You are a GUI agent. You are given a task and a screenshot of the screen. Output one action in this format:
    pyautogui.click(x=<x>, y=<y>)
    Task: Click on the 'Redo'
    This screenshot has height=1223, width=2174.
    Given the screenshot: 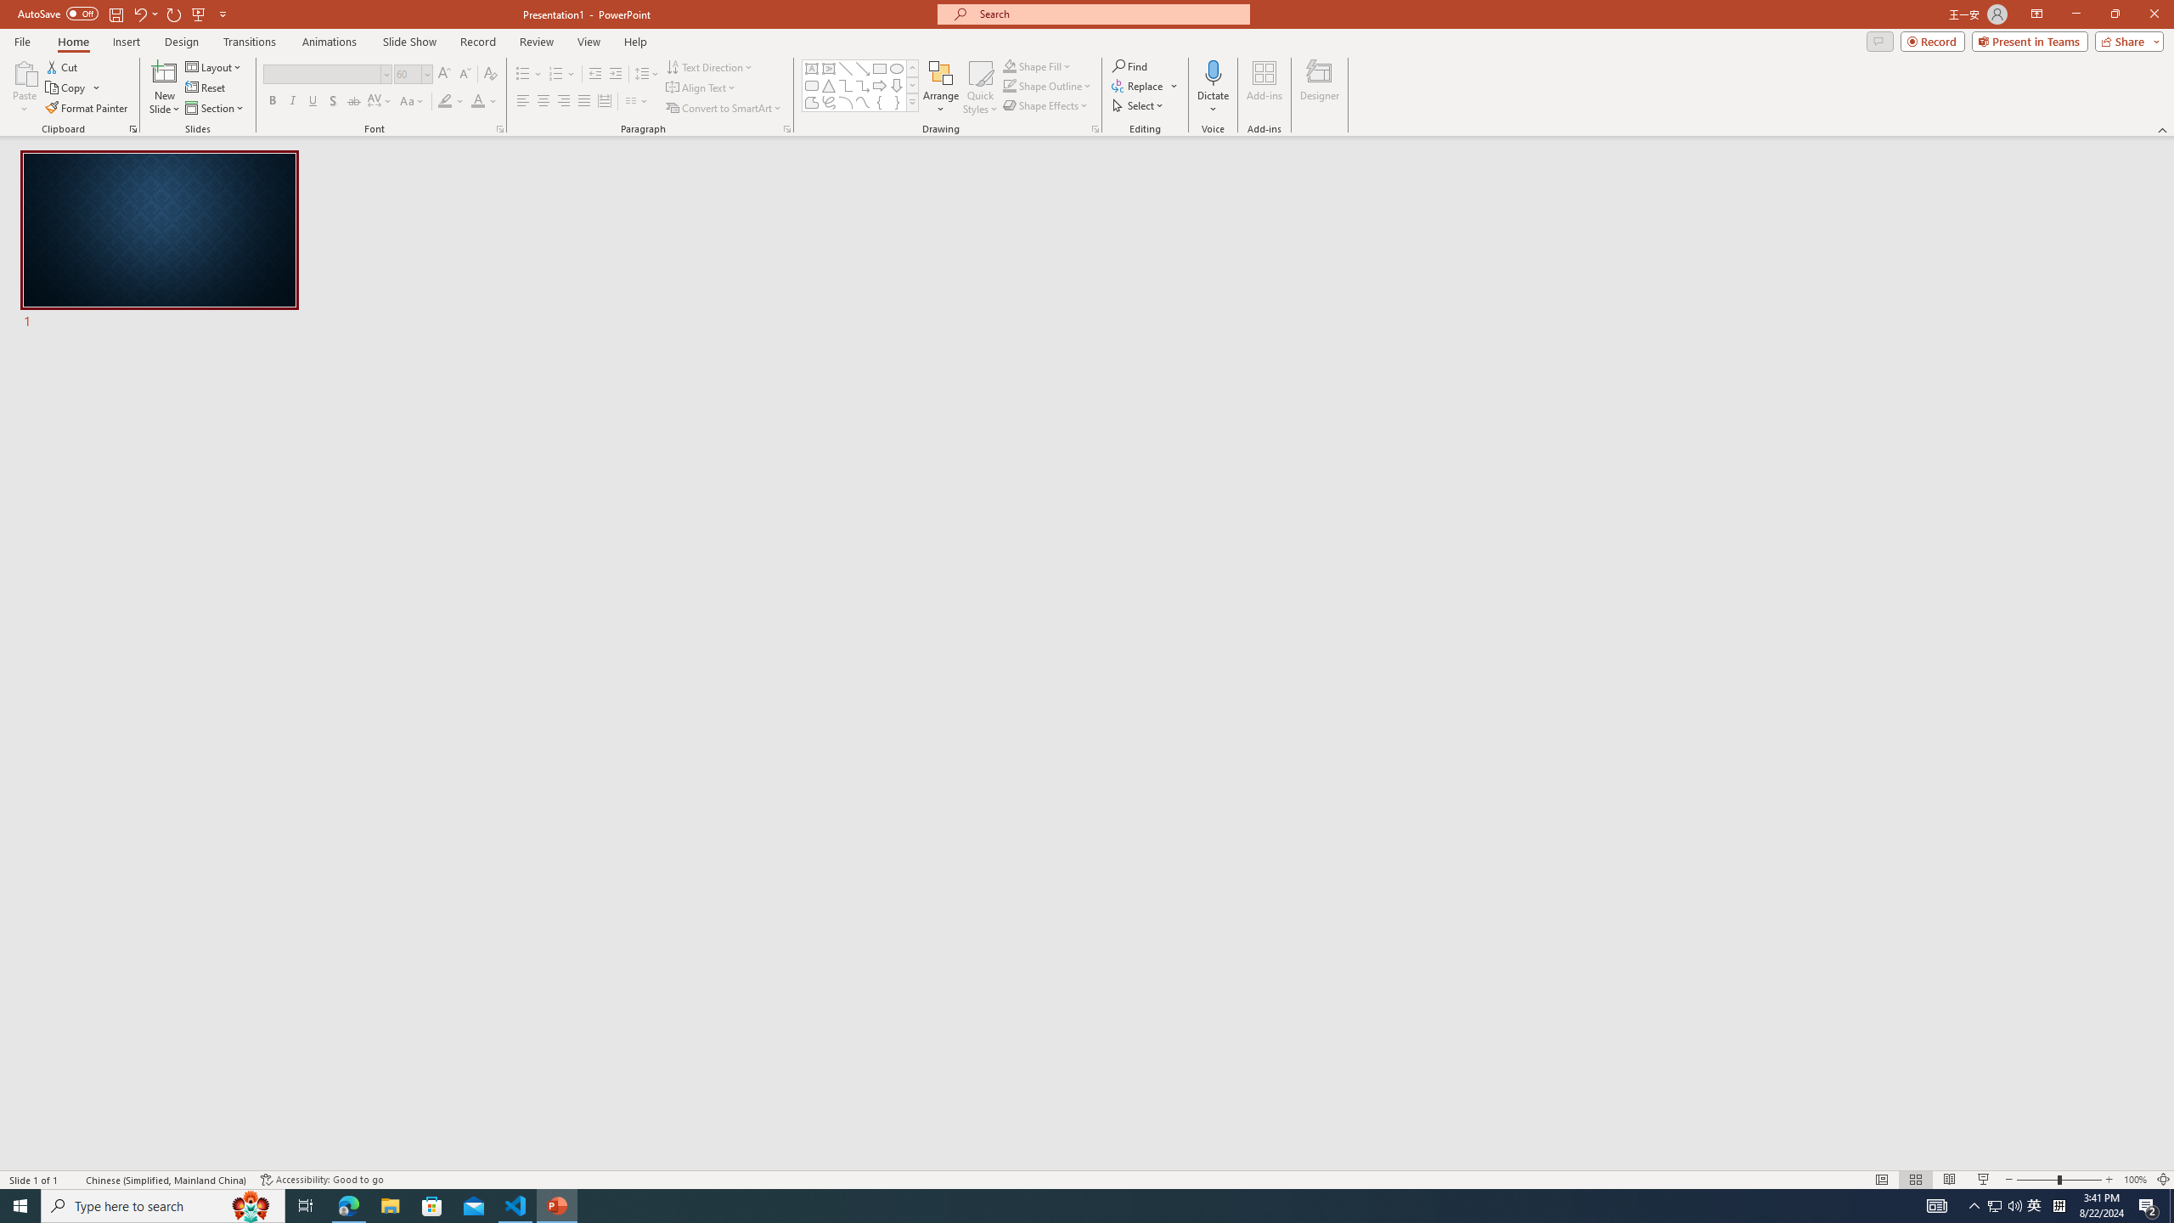 What is the action you would take?
    pyautogui.click(x=174, y=13)
    